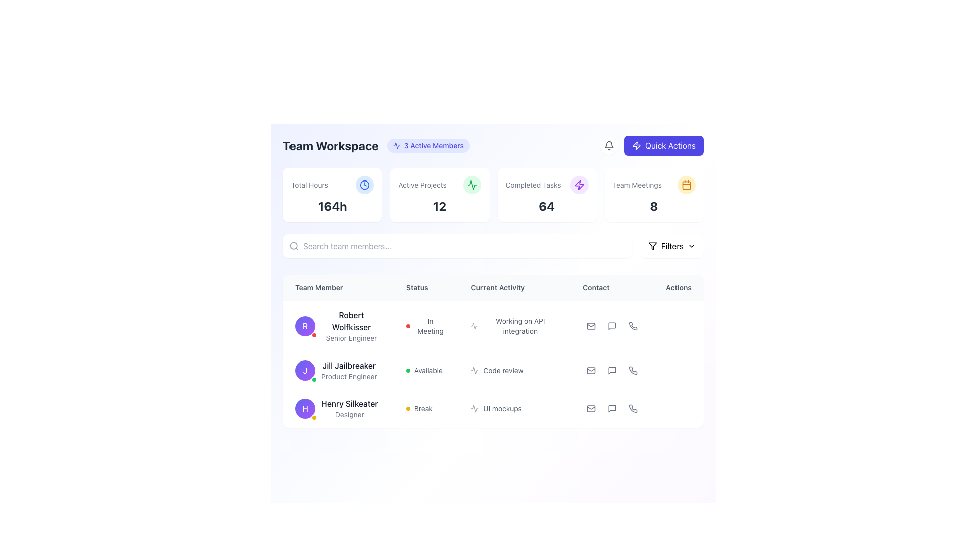  I want to click on the 'Total Hours' icon located at the top right of the 'Total Hours' information card, so click(364, 185).